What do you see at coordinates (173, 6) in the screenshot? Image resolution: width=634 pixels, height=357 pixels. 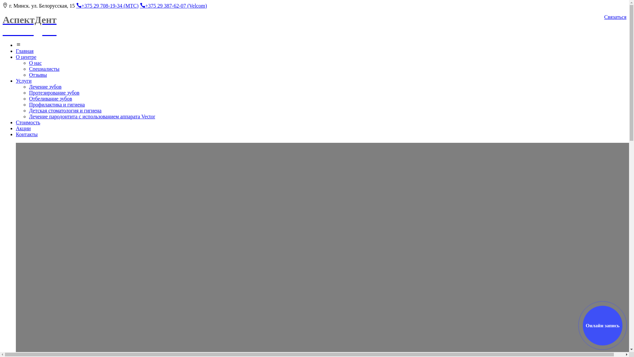 I see `'+375 29 387-62-07 (Velcom)'` at bounding box center [173, 6].